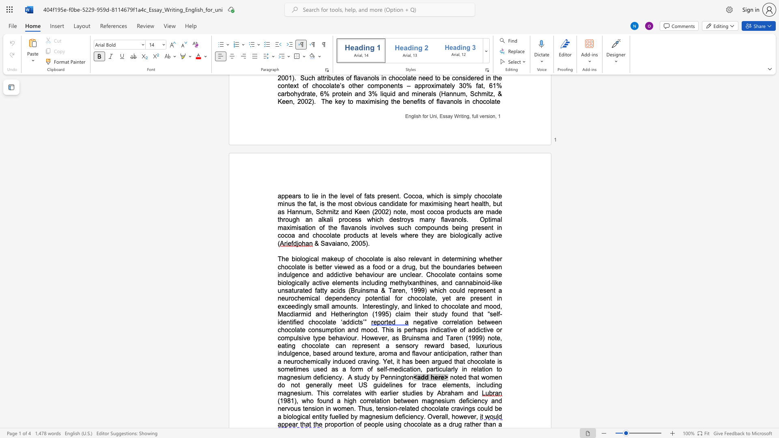  Describe the element at coordinates (407, 400) in the screenshot. I see `the subset text "een magnesium deficiency" within the text "(1981), who found a high correlation between magnesium deficiency and nervous tension in women. Thus, tension-related chocolate cravings could be a biological entity fuelled by magnesium deficiency. Overall, however,"` at that location.